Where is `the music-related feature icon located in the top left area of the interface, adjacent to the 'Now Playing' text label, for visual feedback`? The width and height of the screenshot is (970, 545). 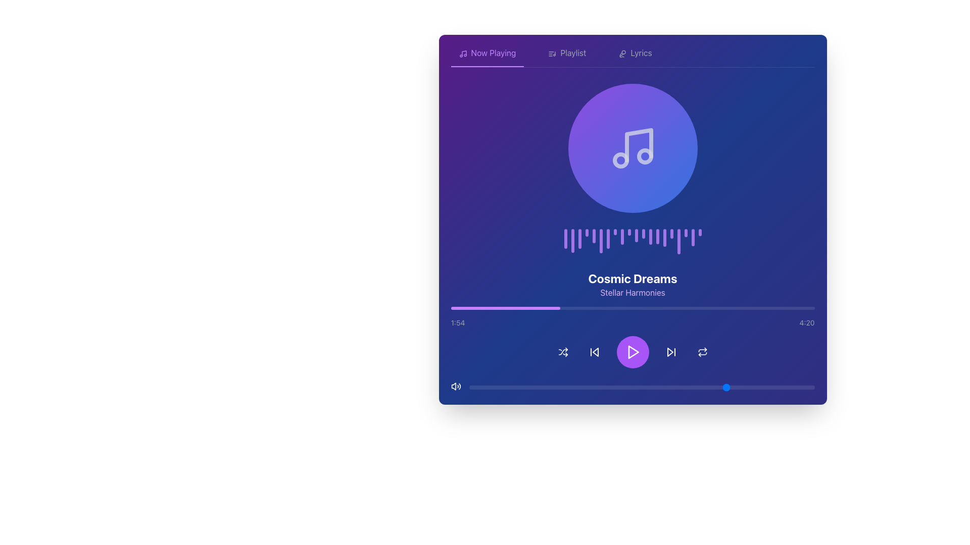
the music-related feature icon located in the top left area of the interface, adjacent to the 'Now Playing' text label, for visual feedback is located at coordinates (462, 53).